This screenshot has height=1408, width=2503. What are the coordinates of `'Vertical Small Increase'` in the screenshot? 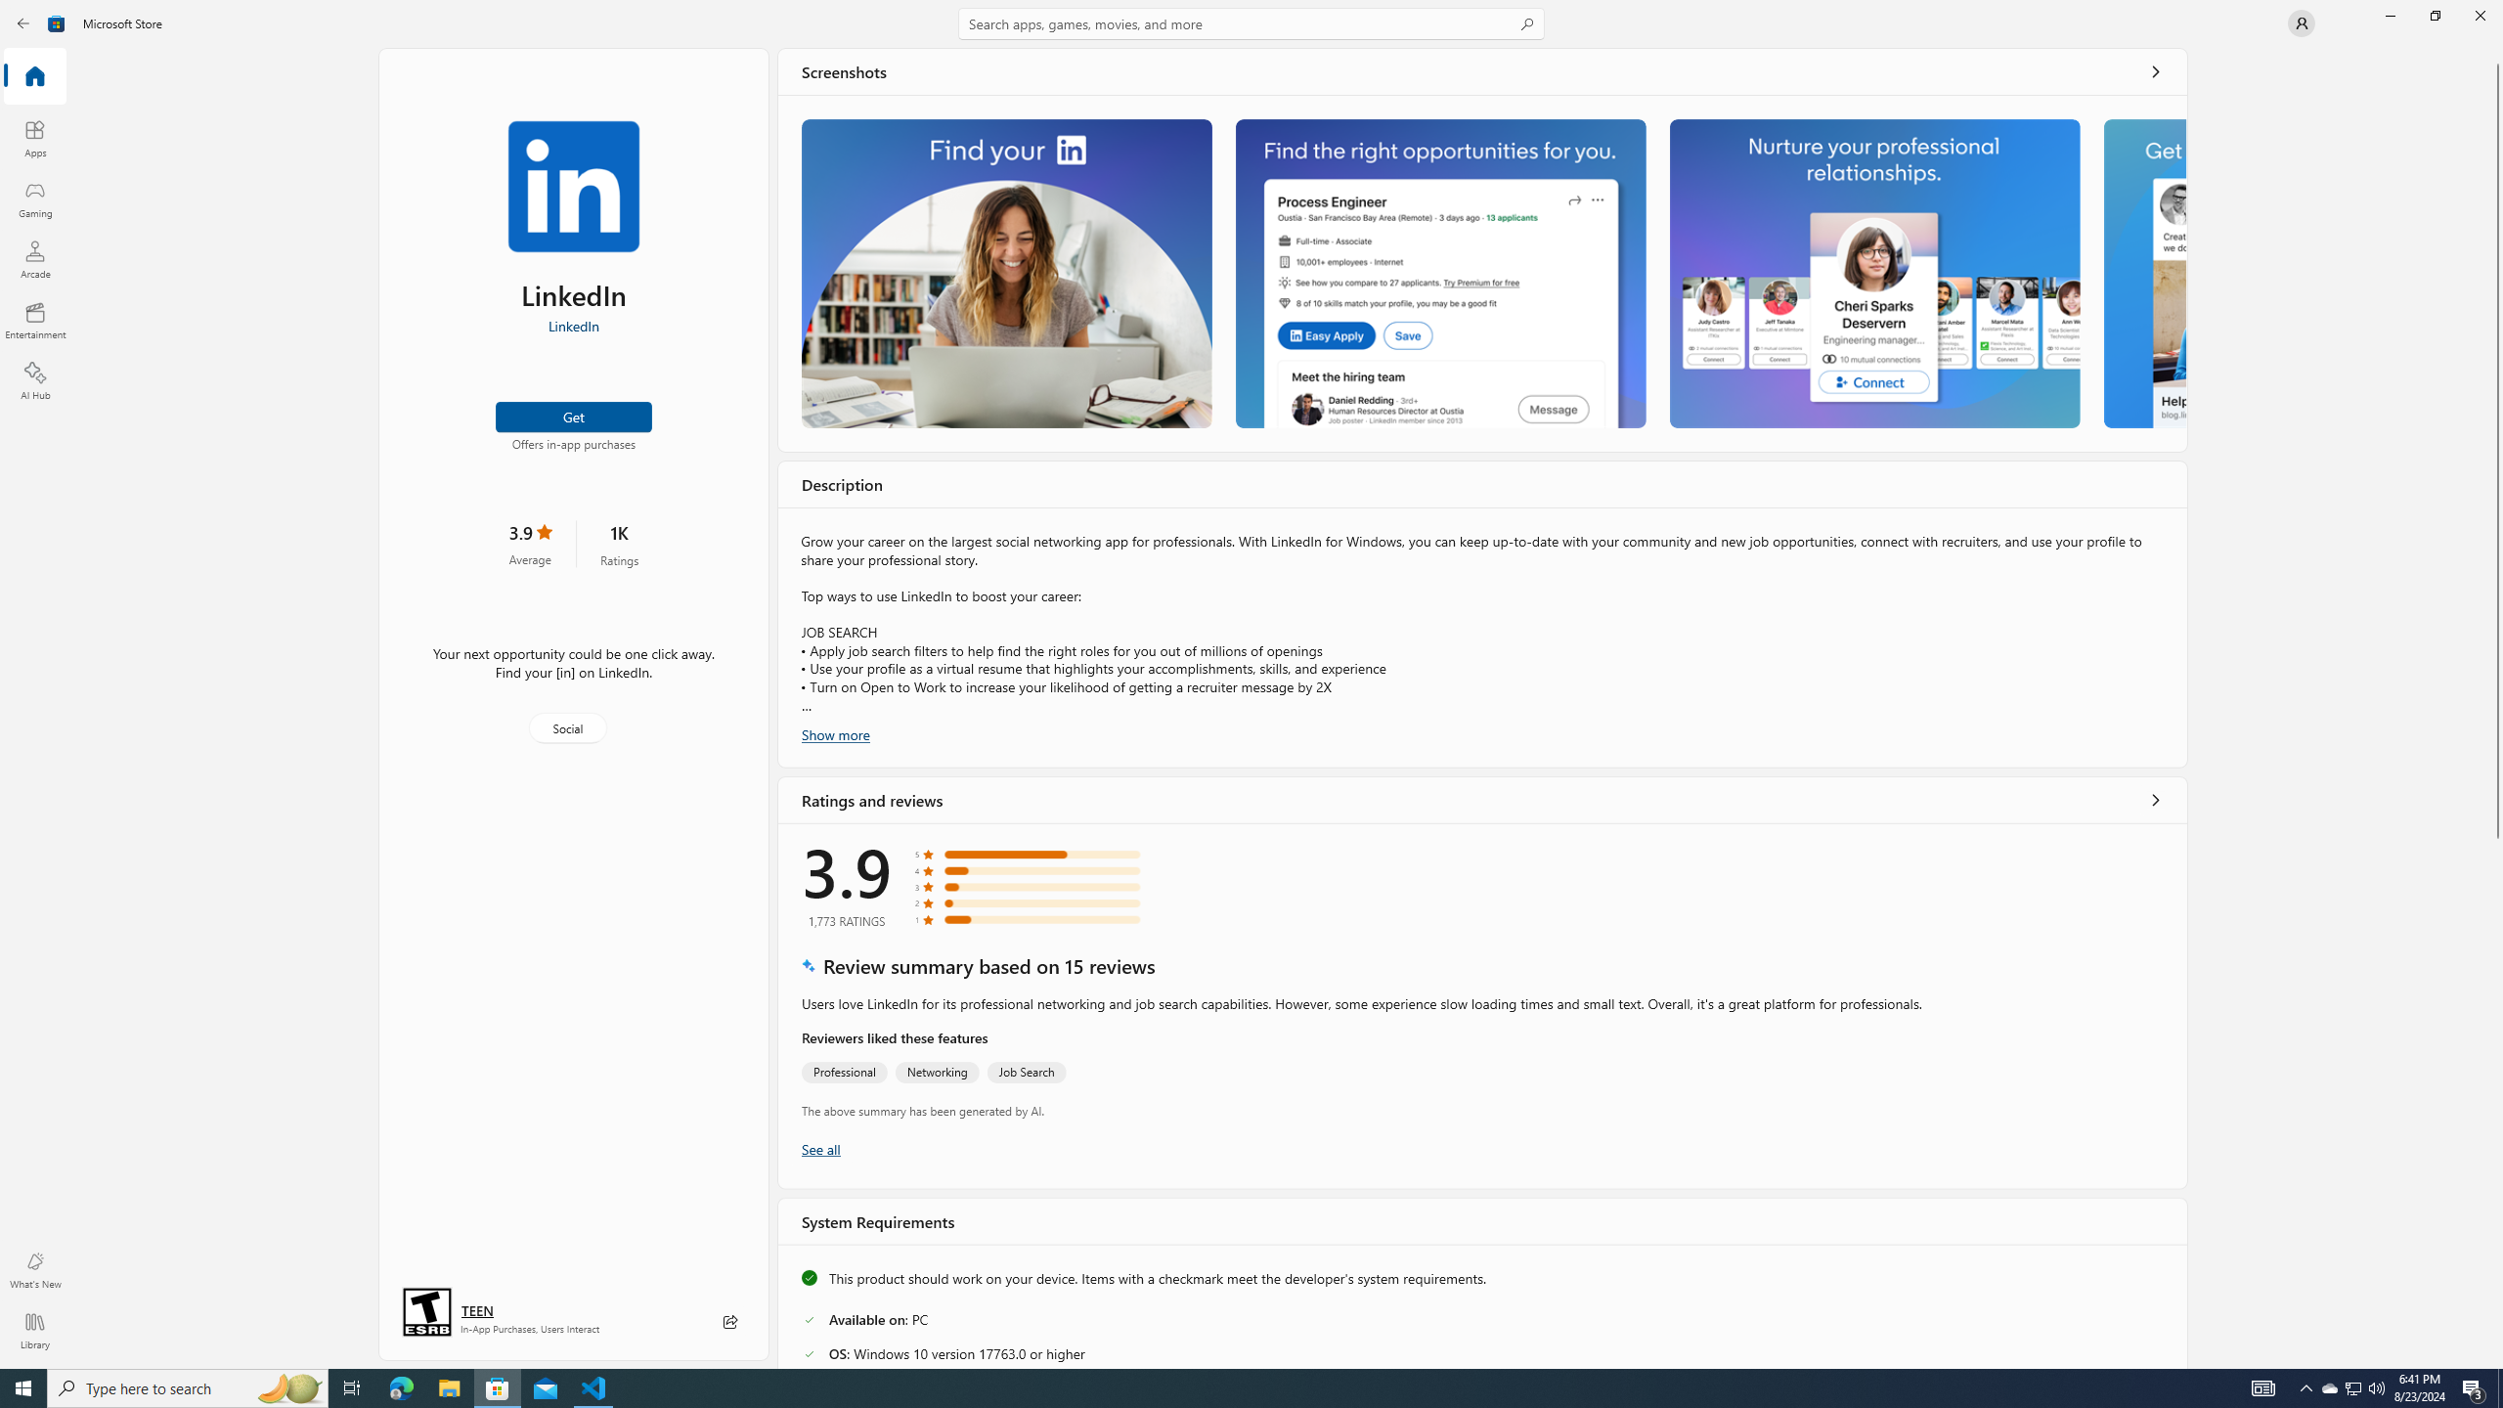 It's located at (2495, 1362).